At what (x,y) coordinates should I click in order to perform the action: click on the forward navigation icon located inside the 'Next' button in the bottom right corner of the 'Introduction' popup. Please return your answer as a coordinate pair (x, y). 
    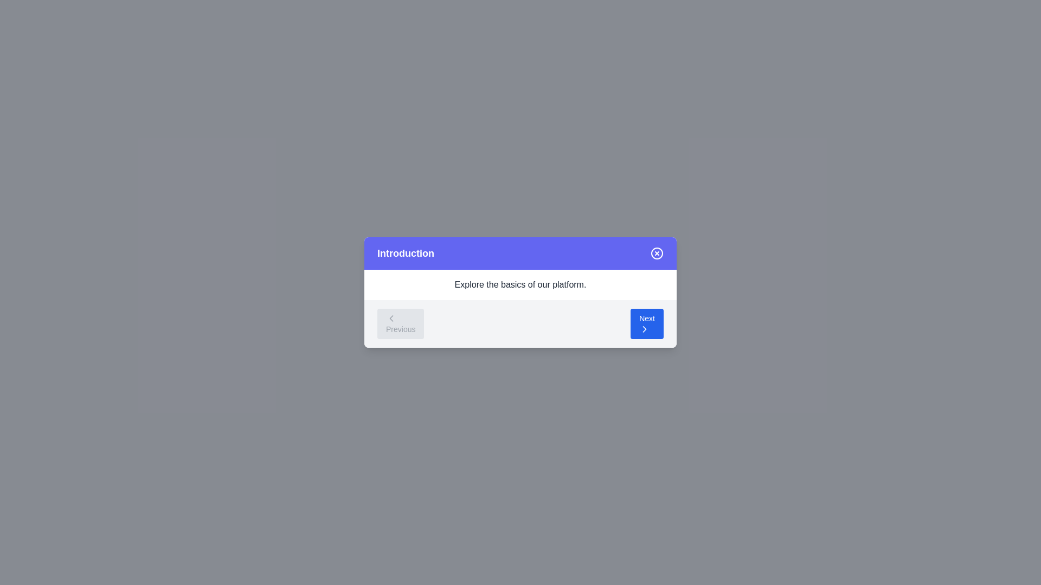
    Looking at the image, I should click on (645, 329).